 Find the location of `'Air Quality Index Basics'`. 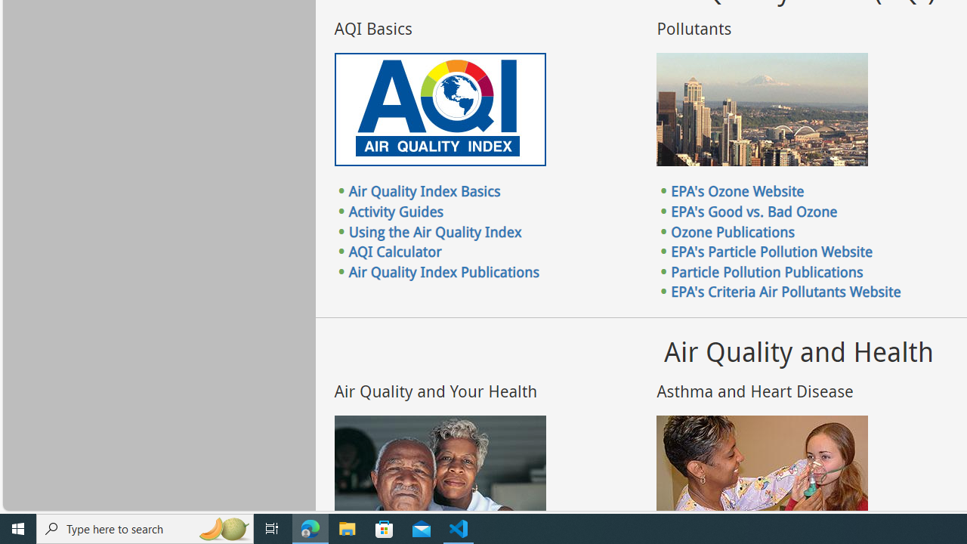

'Air Quality Index Basics' is located at coordinates (423, 190).